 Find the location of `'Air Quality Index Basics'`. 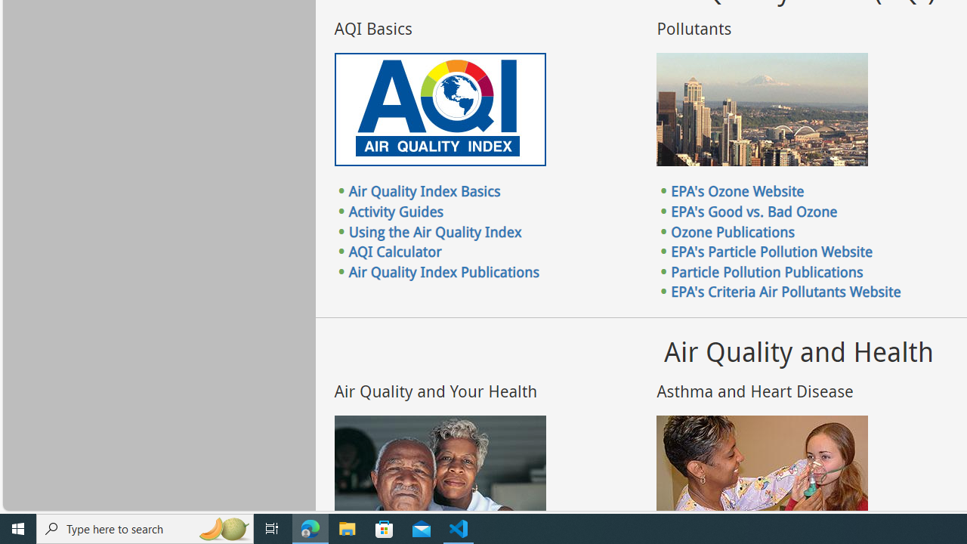

'Air Quality Index Basics' is located at coordinates (423, 190).